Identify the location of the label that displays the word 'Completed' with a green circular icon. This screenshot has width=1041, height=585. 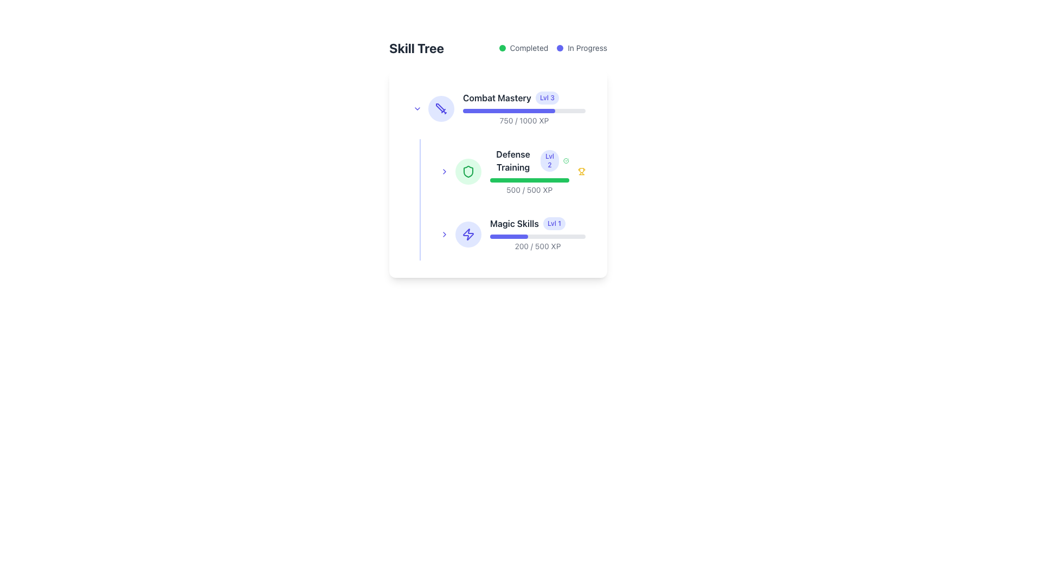
(523, 47).